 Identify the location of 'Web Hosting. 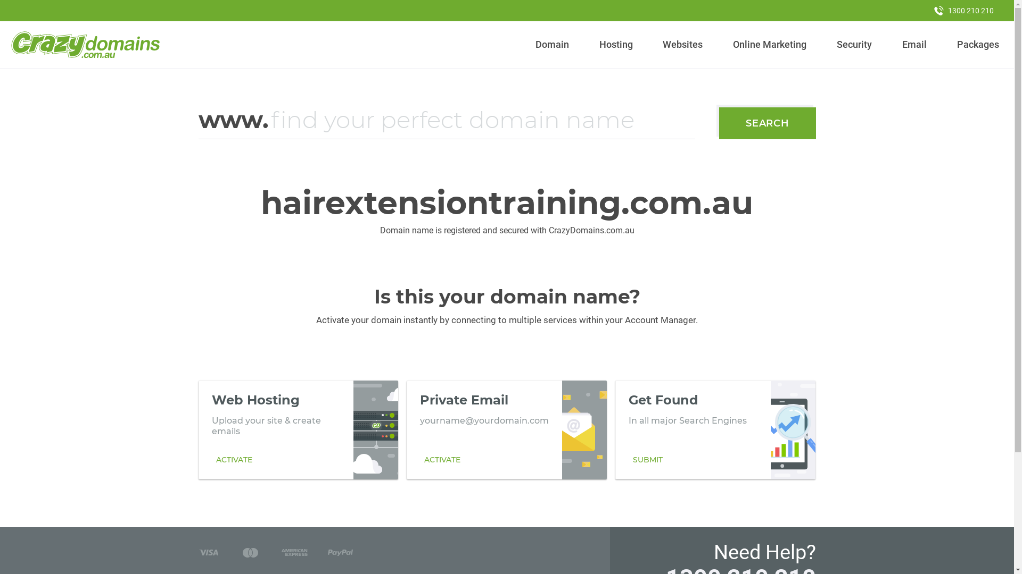
(298, 429).